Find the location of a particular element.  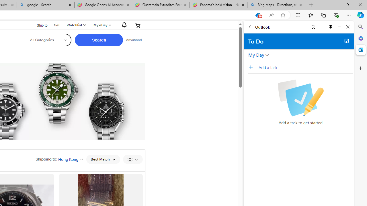

'My eBayExpand My eBay' is located at coordinates (102, 25).